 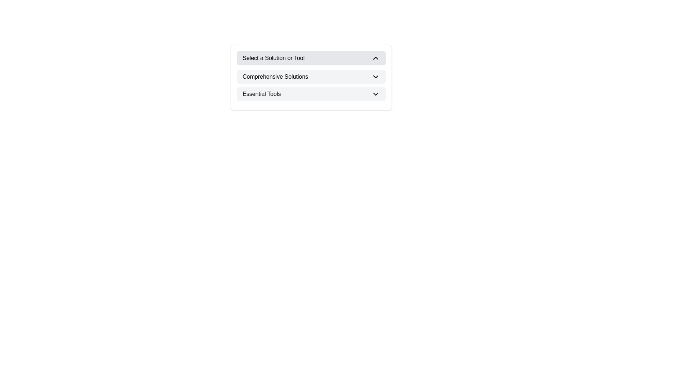 I want to click on the text label indicating access to essential tools in the dropdown menu, located in a rounded rectangular area with a light gray background, so click(x=261, y=94).